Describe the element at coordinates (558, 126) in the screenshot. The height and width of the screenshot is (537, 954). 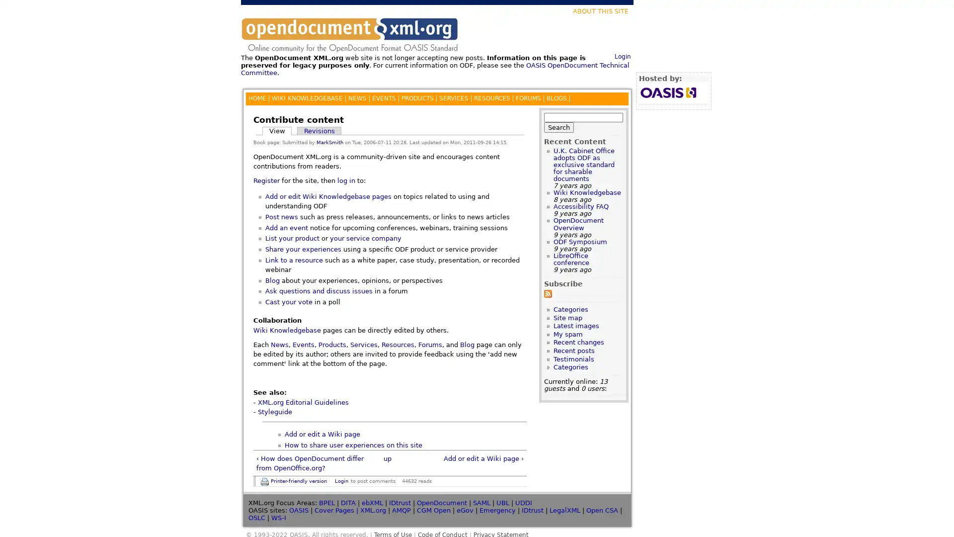
I see `Search` at that location.